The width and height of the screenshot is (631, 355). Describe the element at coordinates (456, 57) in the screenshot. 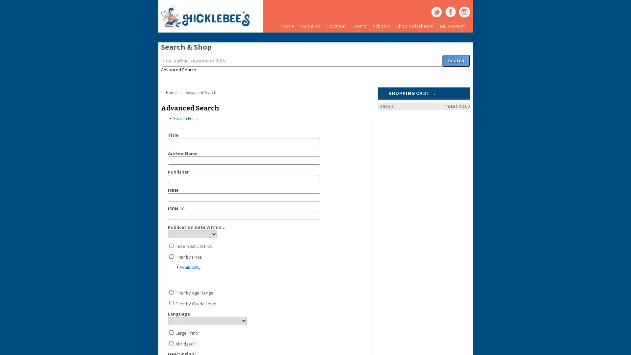

I see `Search` at that location.